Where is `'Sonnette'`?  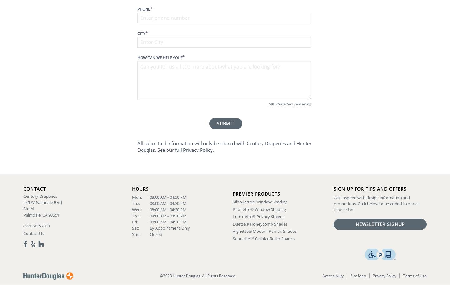
'Sonnette' is located at coordinates (241, 238).